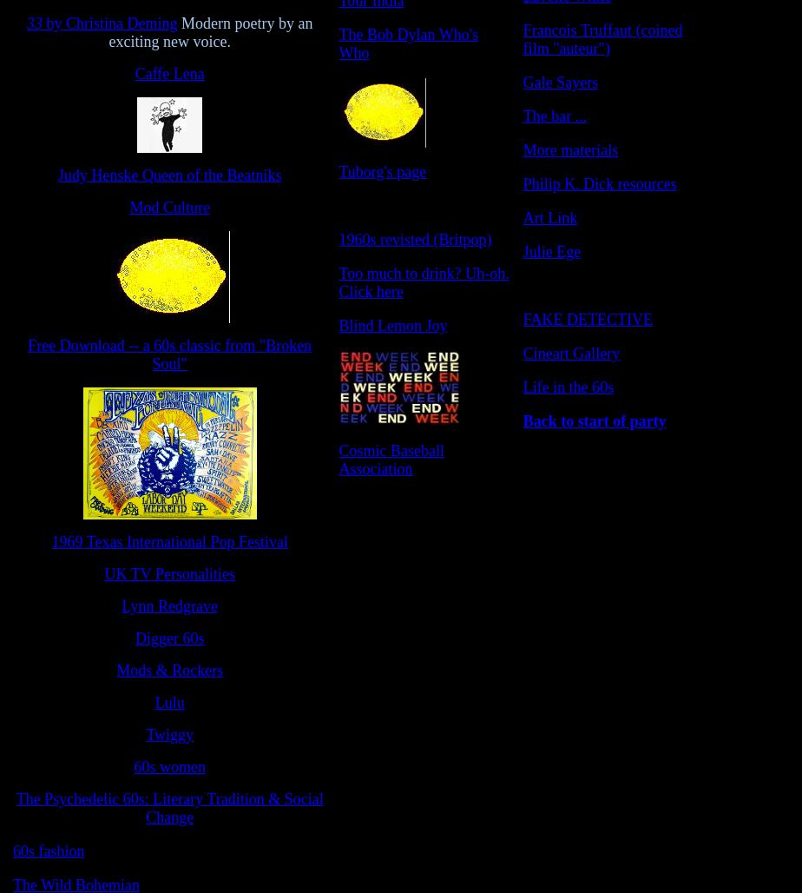 The height and width of the screenshot is (893, 802). What do you see at coordinates (169, 734) in the screenshot?
I see `'Twiggy'` at bounding box center [169, 734].